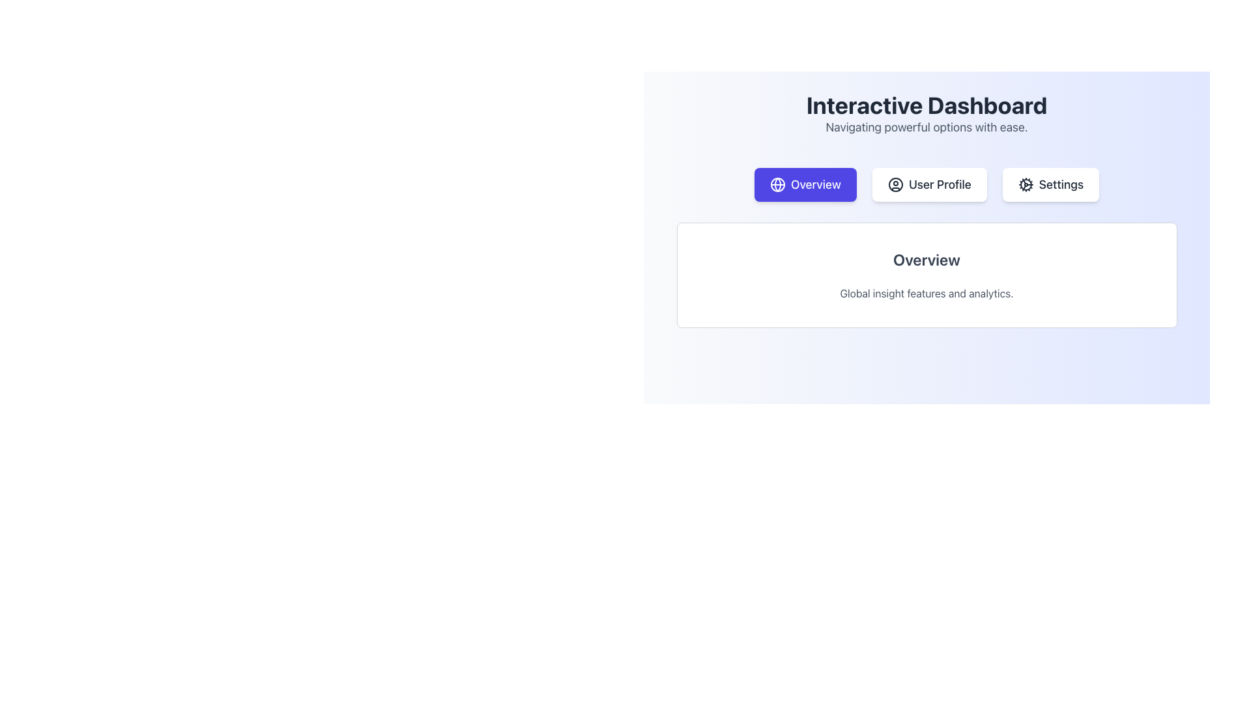  Describe the element at coordinates (815, 185) in the screenshot. I see `the 'Overview' text label located within the blue button at the top-center of the interface` at that location.